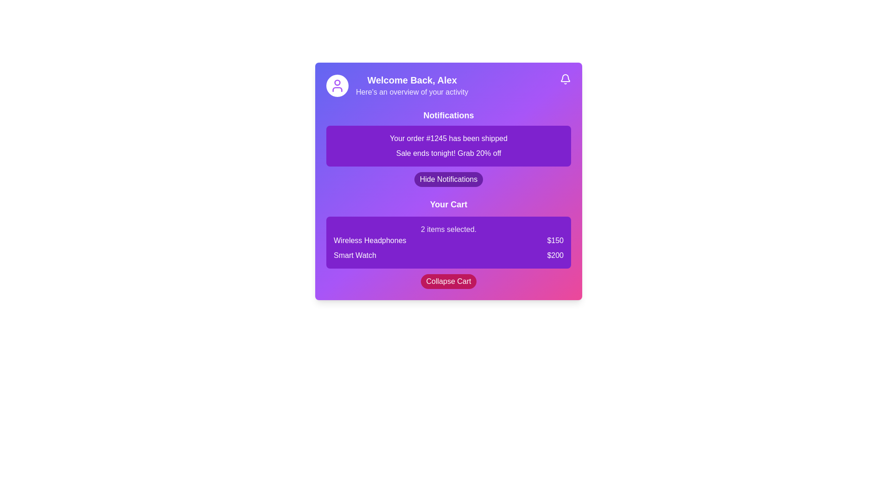 The image size is (890, 501). Describe the element at coordinates (449, 281) in the screenshot. I see `the rounded rectangular button with a pinkish-red background and white text reading 'Collapse Cart'` at that location.